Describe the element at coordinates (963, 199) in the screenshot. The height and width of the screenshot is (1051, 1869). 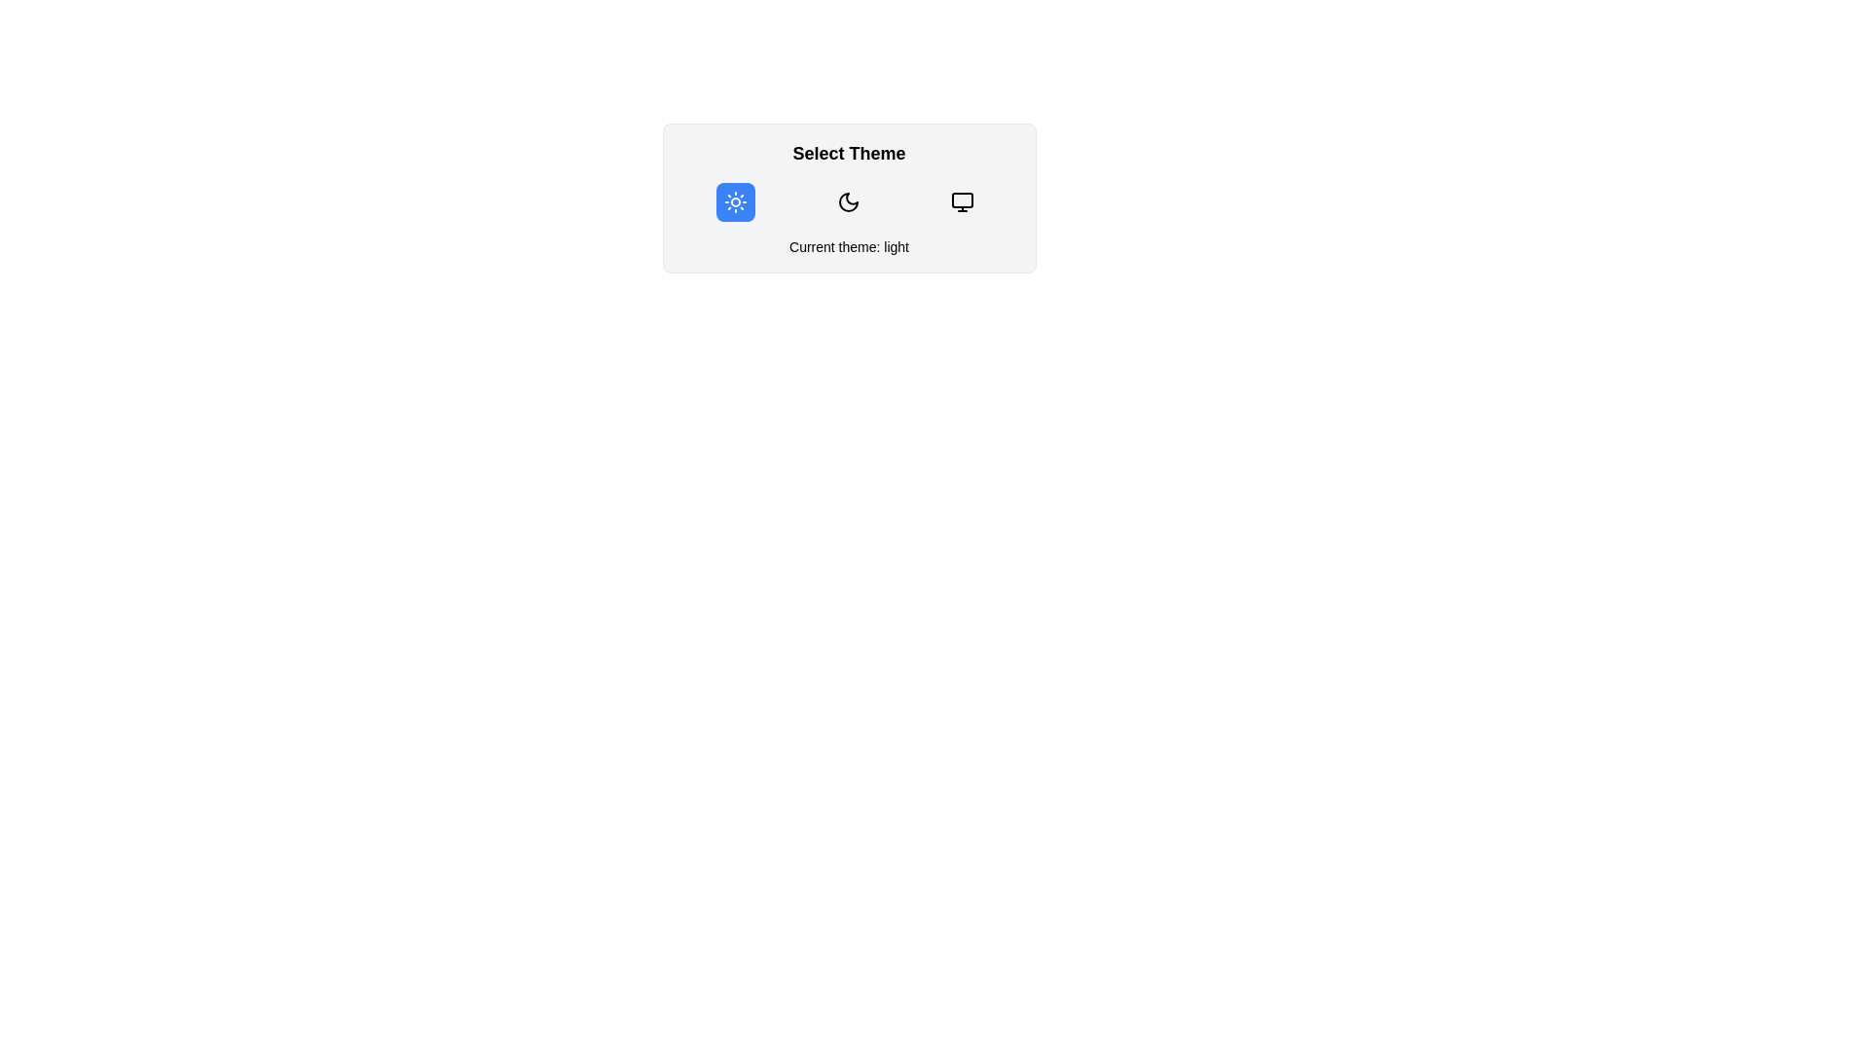
I see `the decorative monitor icon located within the third icon of the theme selection options` at that location.